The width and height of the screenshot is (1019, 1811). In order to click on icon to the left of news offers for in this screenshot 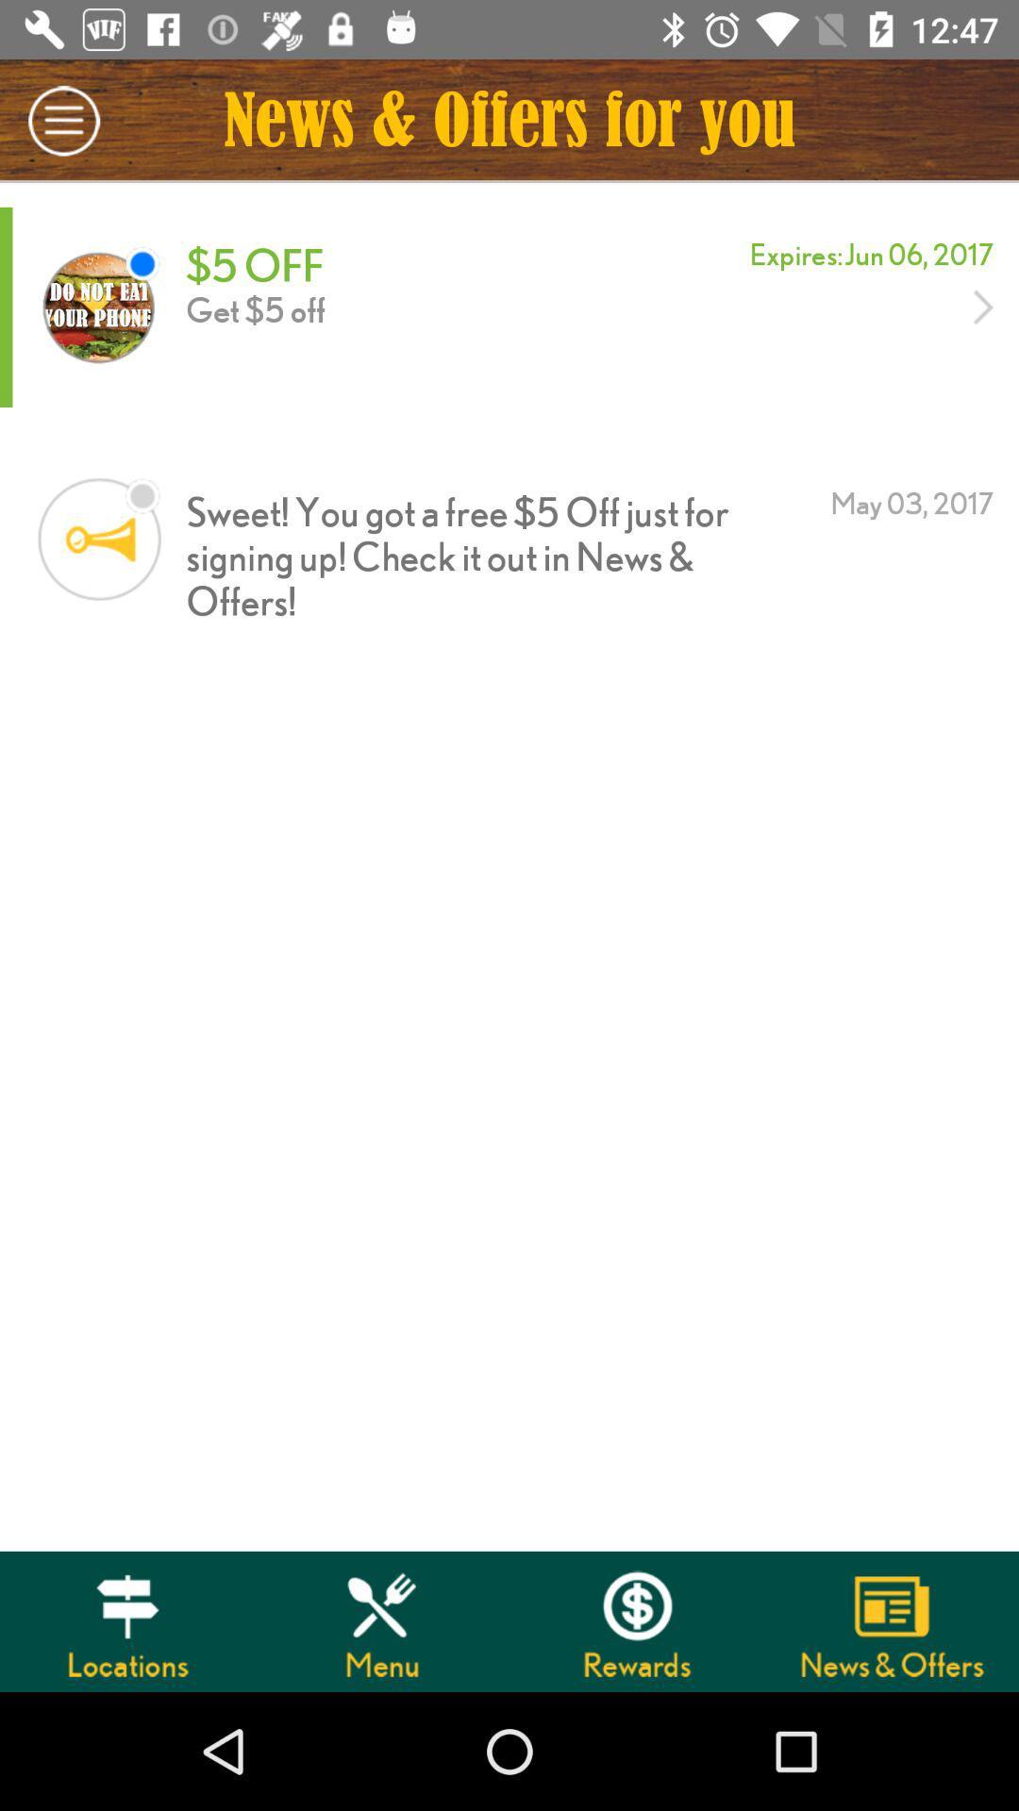, I will do `click(62, 120)`.